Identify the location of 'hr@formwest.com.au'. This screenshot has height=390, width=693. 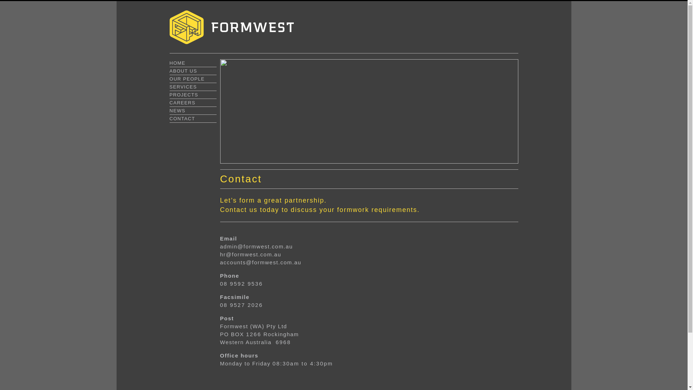
(251, 254).